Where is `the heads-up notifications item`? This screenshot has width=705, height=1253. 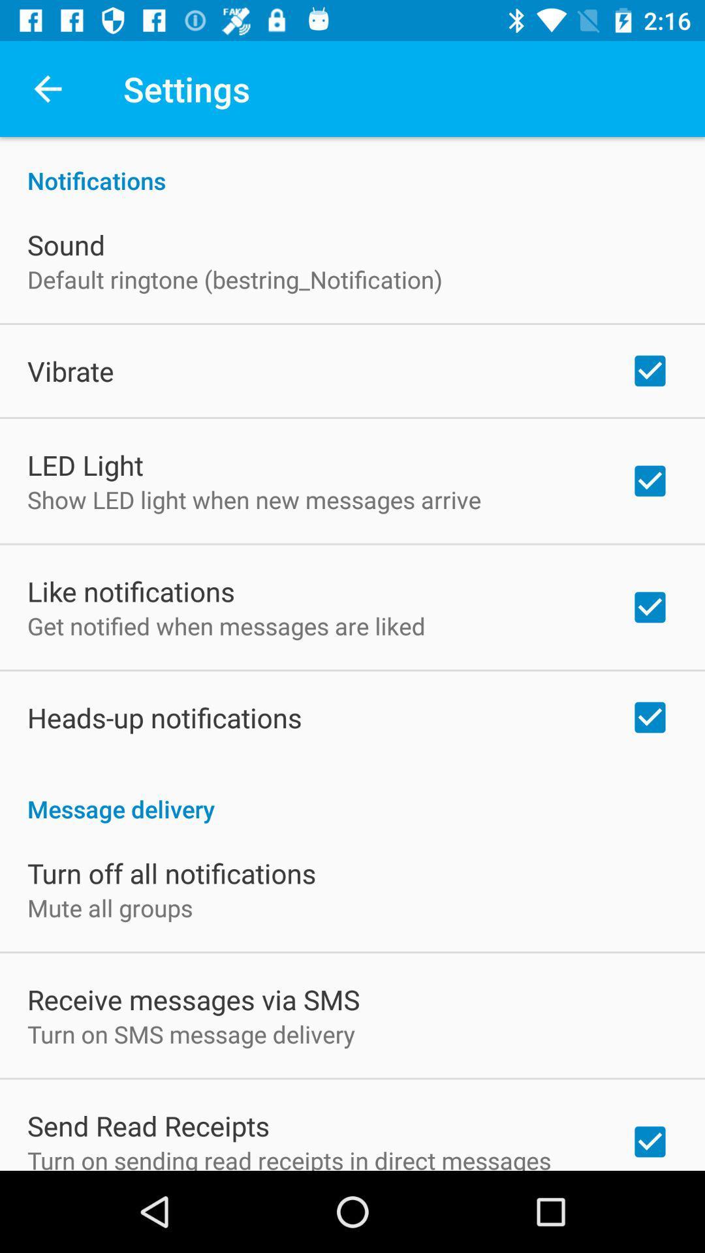
the heads-up notifications item is located at coordinates (164, 717).